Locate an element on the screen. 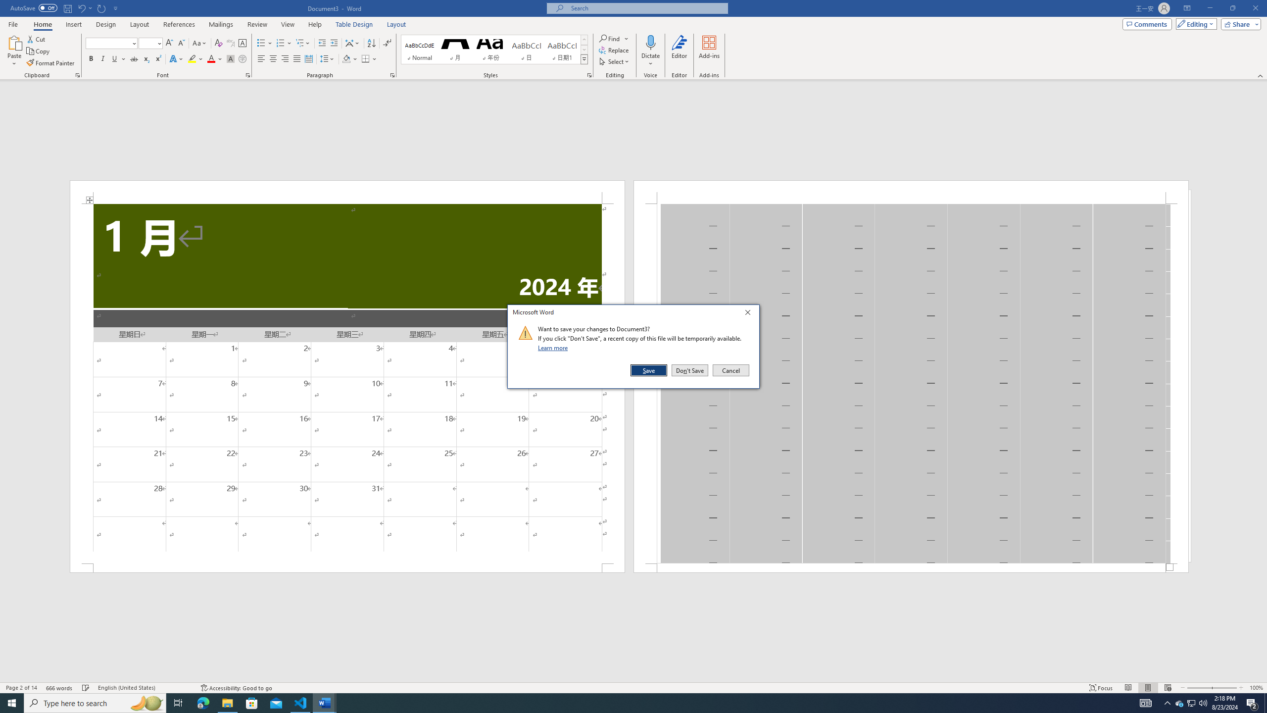 This screenshot has width=1267, height=713. 'Comments' is located at coordinates (1147, 23).